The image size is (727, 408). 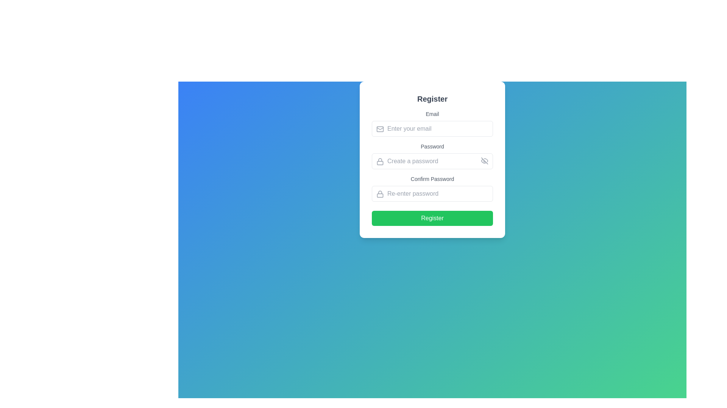 I want to click on the password input field located under the 'Register' heading to focus the input, so click(x=432, y=161).